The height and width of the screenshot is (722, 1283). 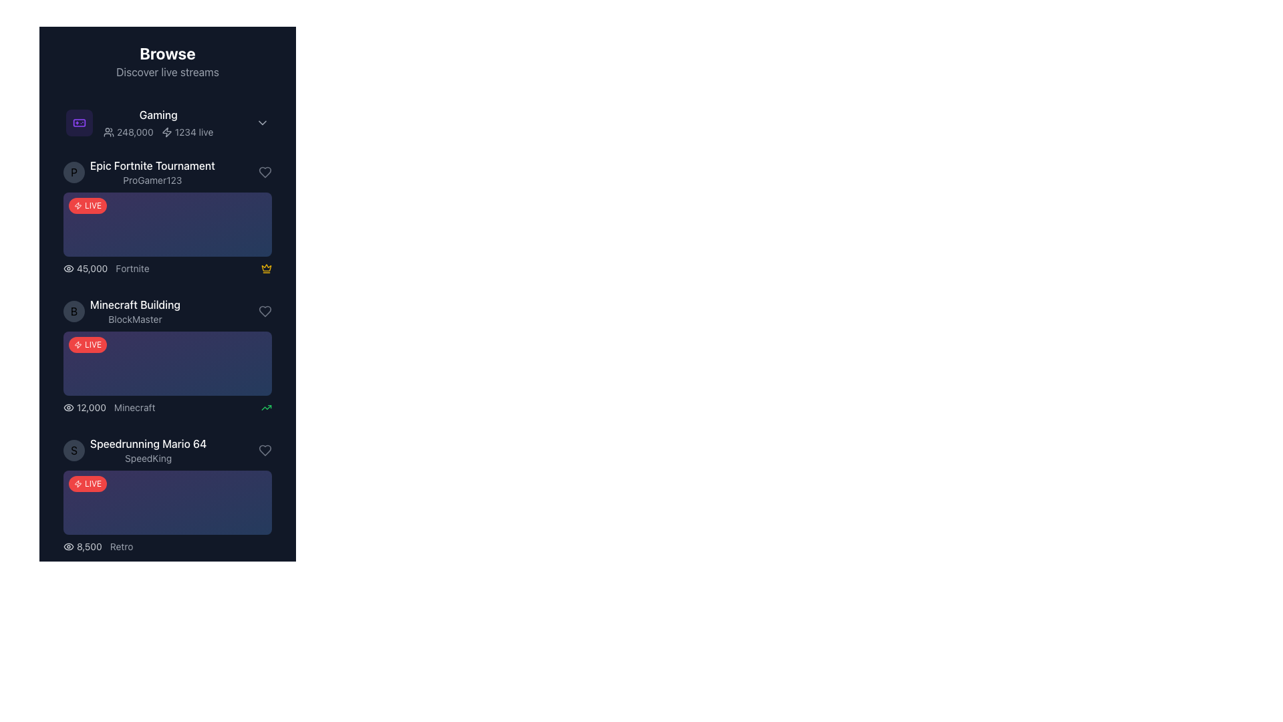 What do you see at coordinates (67, 406) in the screenshot?
I see `the small eye icon adjacent to the text '12,000' representing viewer count in the 'Minecraft Building' section` at bounding box center [67, 406].